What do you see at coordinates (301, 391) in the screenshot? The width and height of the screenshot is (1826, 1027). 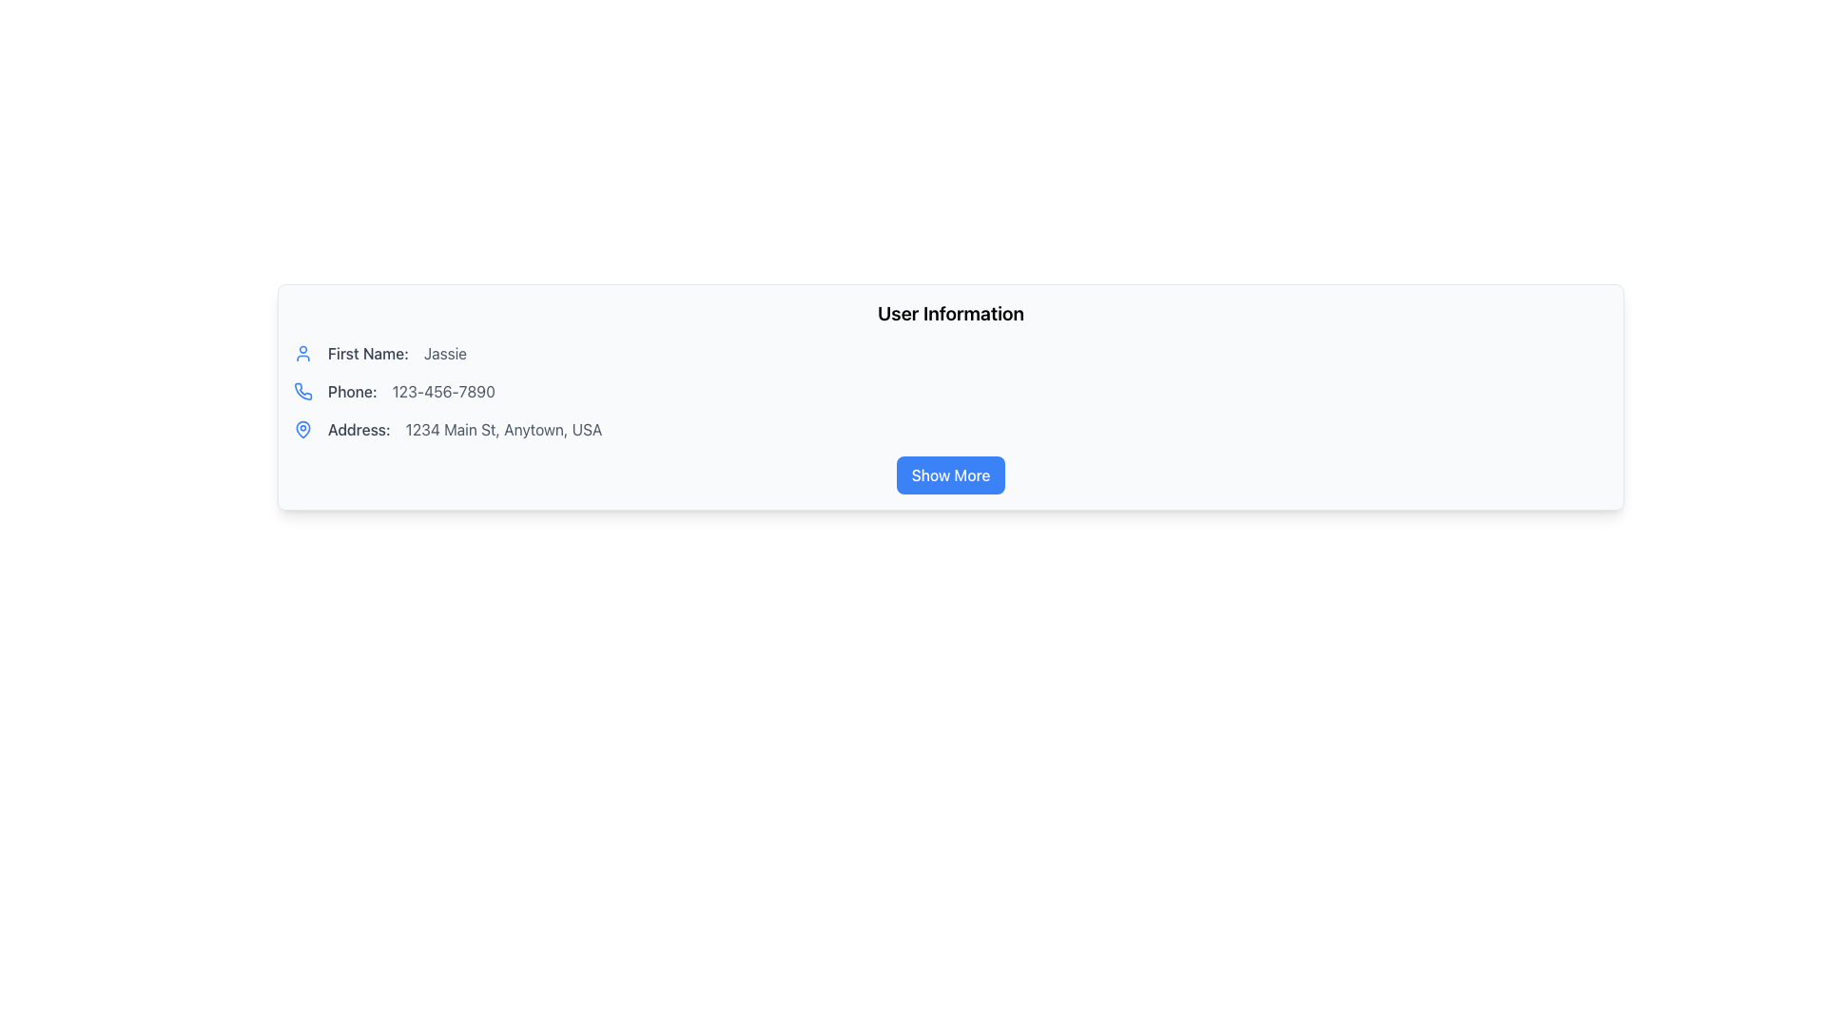 I see `the phone contact information icon located at the top-left corner of the contextual group under the 'Phone' label, immediately left of the 'Phone:' label and the phone number text` at bounding box center [301, 391].